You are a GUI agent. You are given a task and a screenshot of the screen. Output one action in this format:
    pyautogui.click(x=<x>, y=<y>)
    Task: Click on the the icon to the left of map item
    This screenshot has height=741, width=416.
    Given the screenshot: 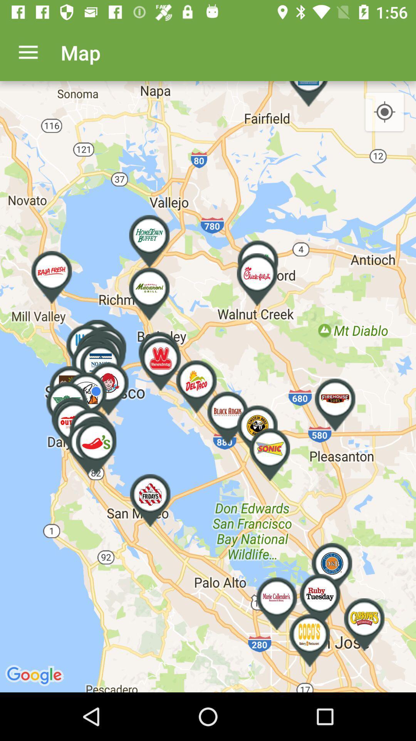 What is the action you would take?
    pyautogui.click(x=28, y=52)
    